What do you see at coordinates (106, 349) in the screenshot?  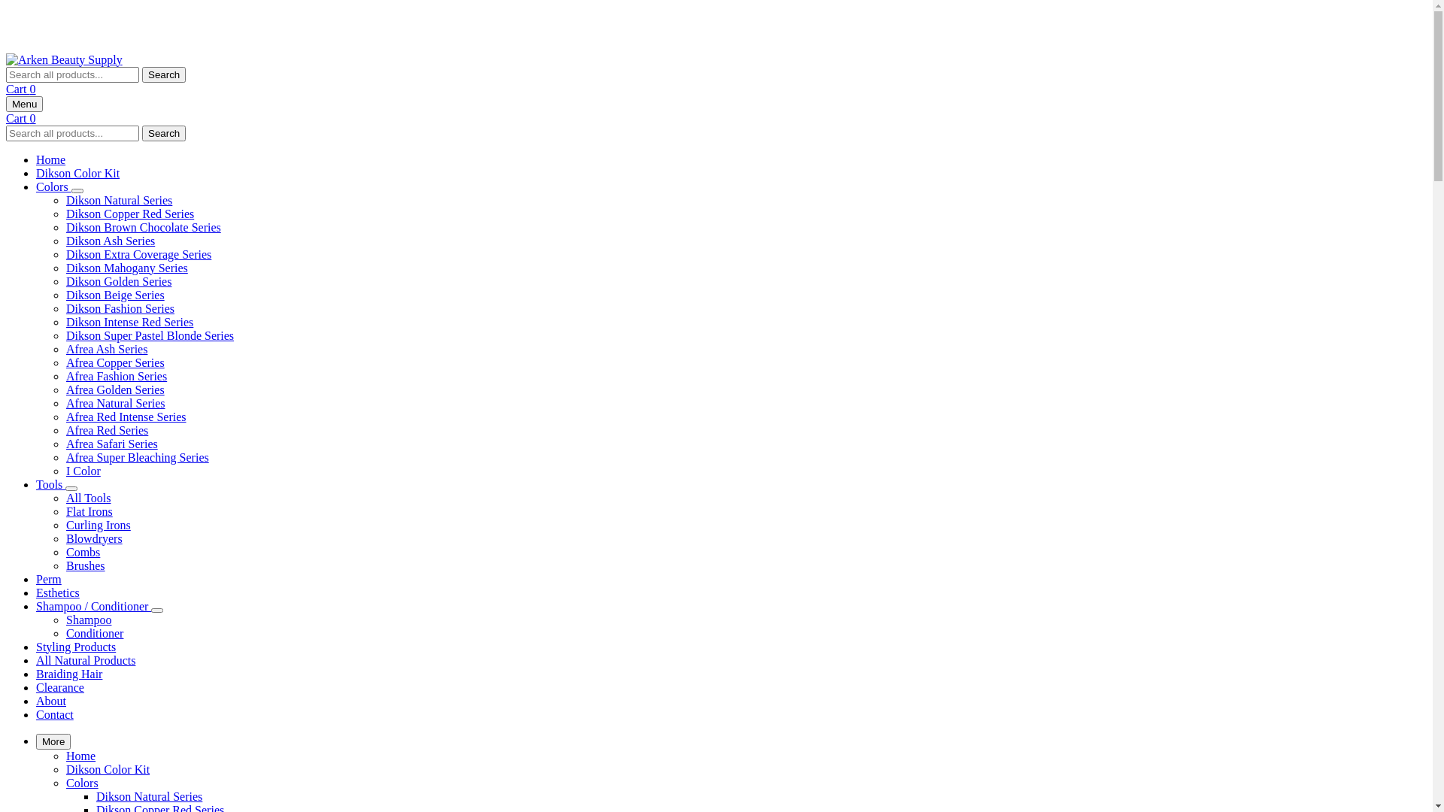 I see `'Afrea Ash Series'` at bounding box center [106, 349].